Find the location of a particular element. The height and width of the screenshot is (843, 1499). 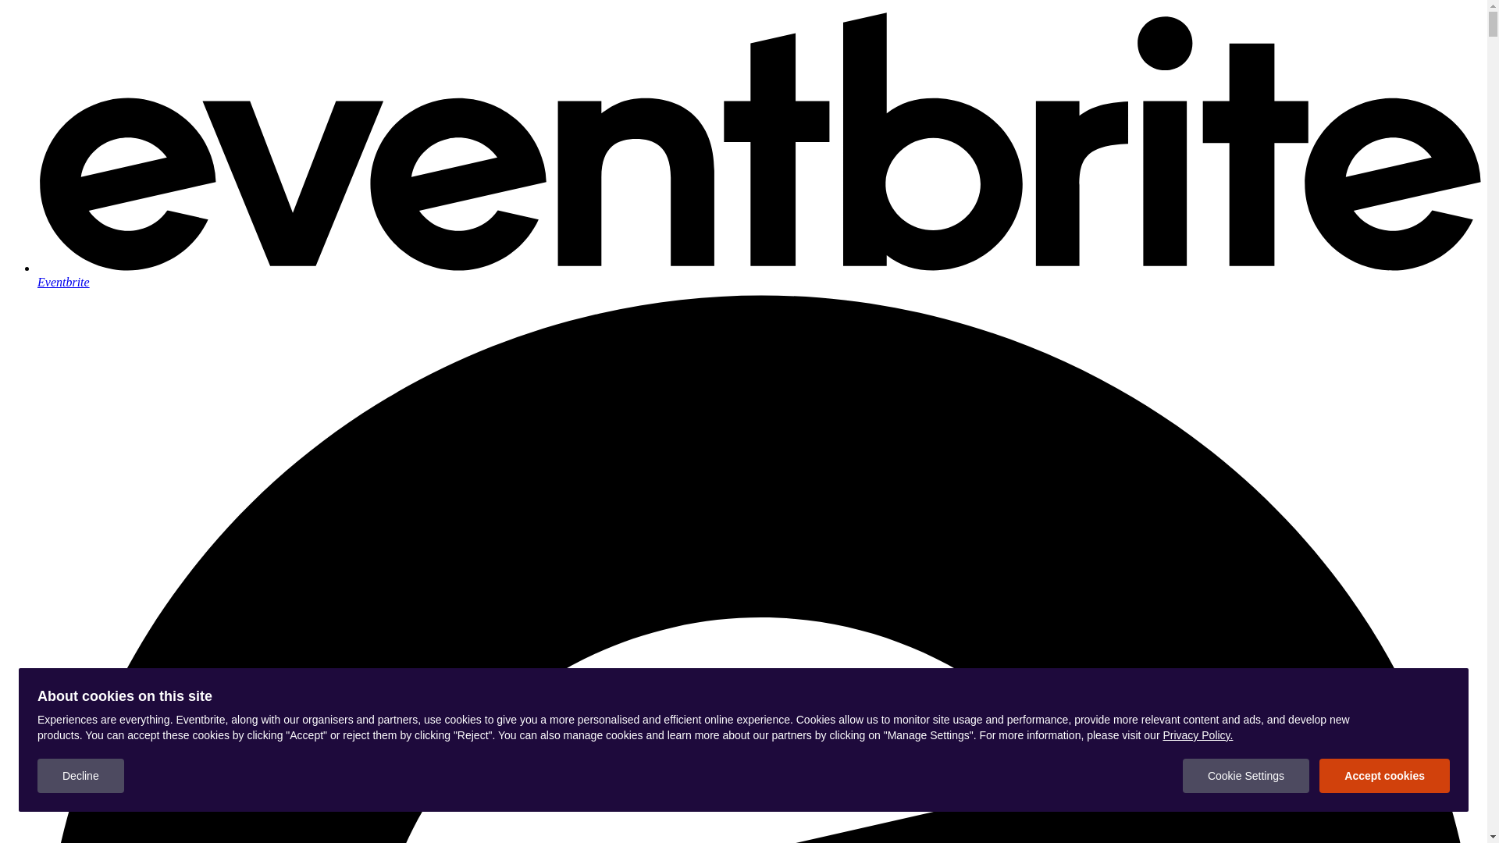

'Decline' is located at coordinates (80, 776).